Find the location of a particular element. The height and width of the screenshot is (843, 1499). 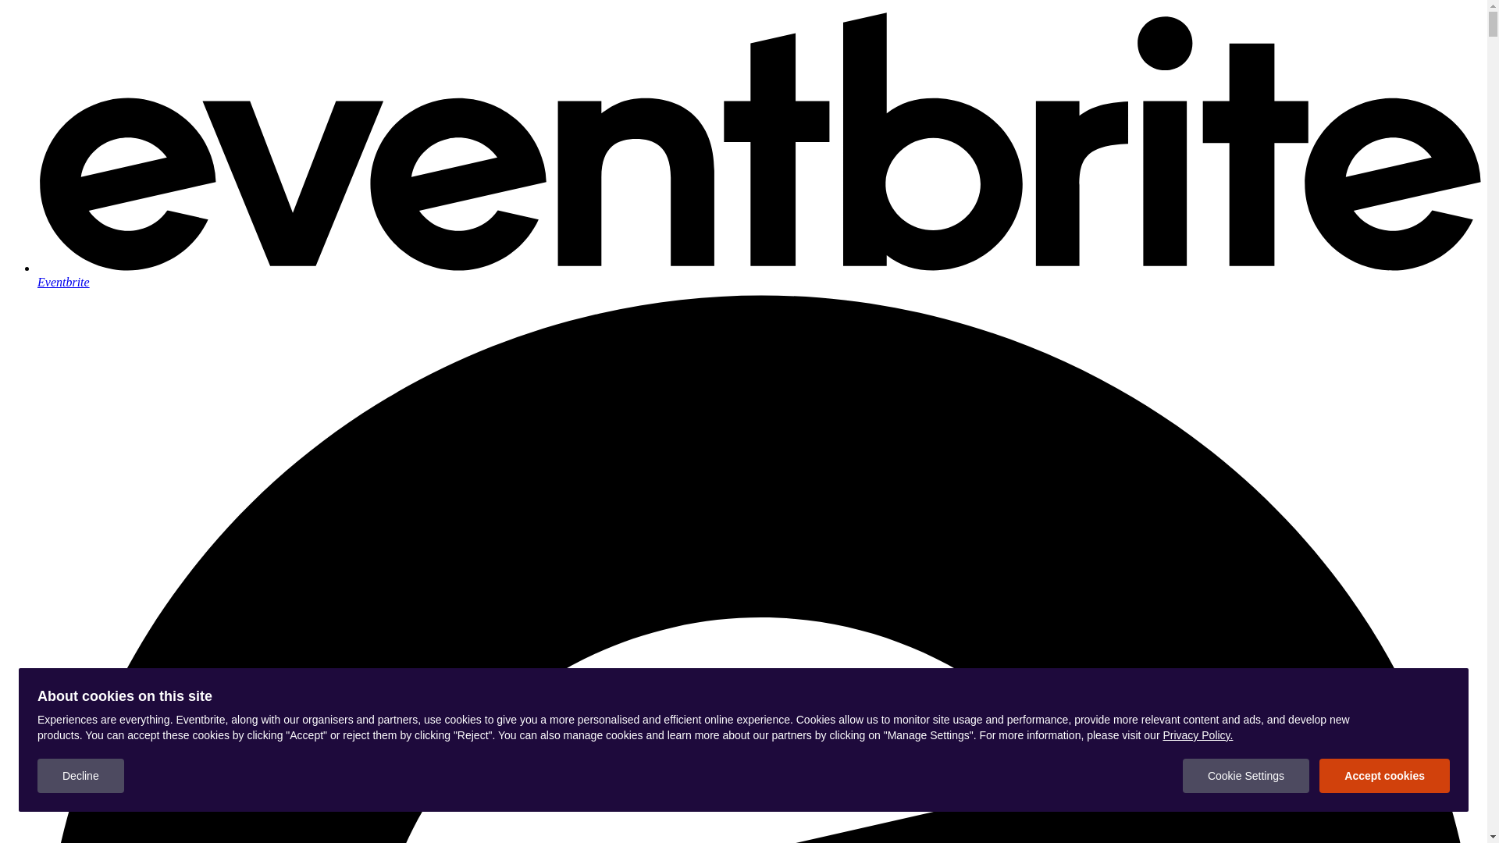

'Decline' is located at coordinates (80, 776).